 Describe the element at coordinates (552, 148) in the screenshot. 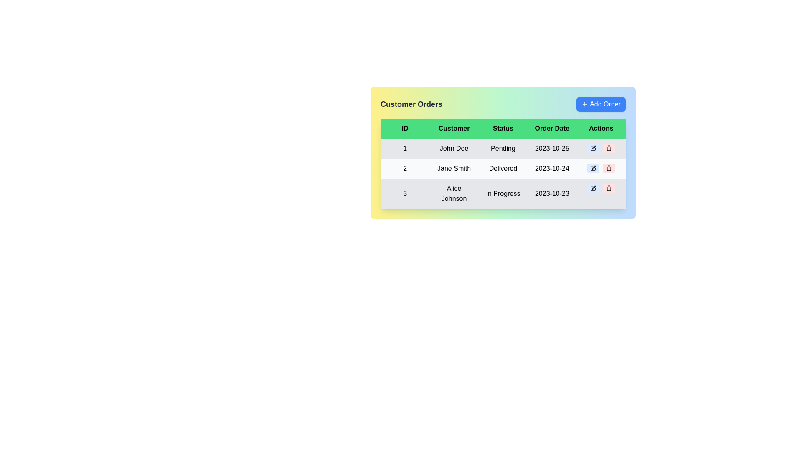

I see `the text label displaying the date '2023-10-25' in the first row of the table for customer 'John Doe'` at that location.